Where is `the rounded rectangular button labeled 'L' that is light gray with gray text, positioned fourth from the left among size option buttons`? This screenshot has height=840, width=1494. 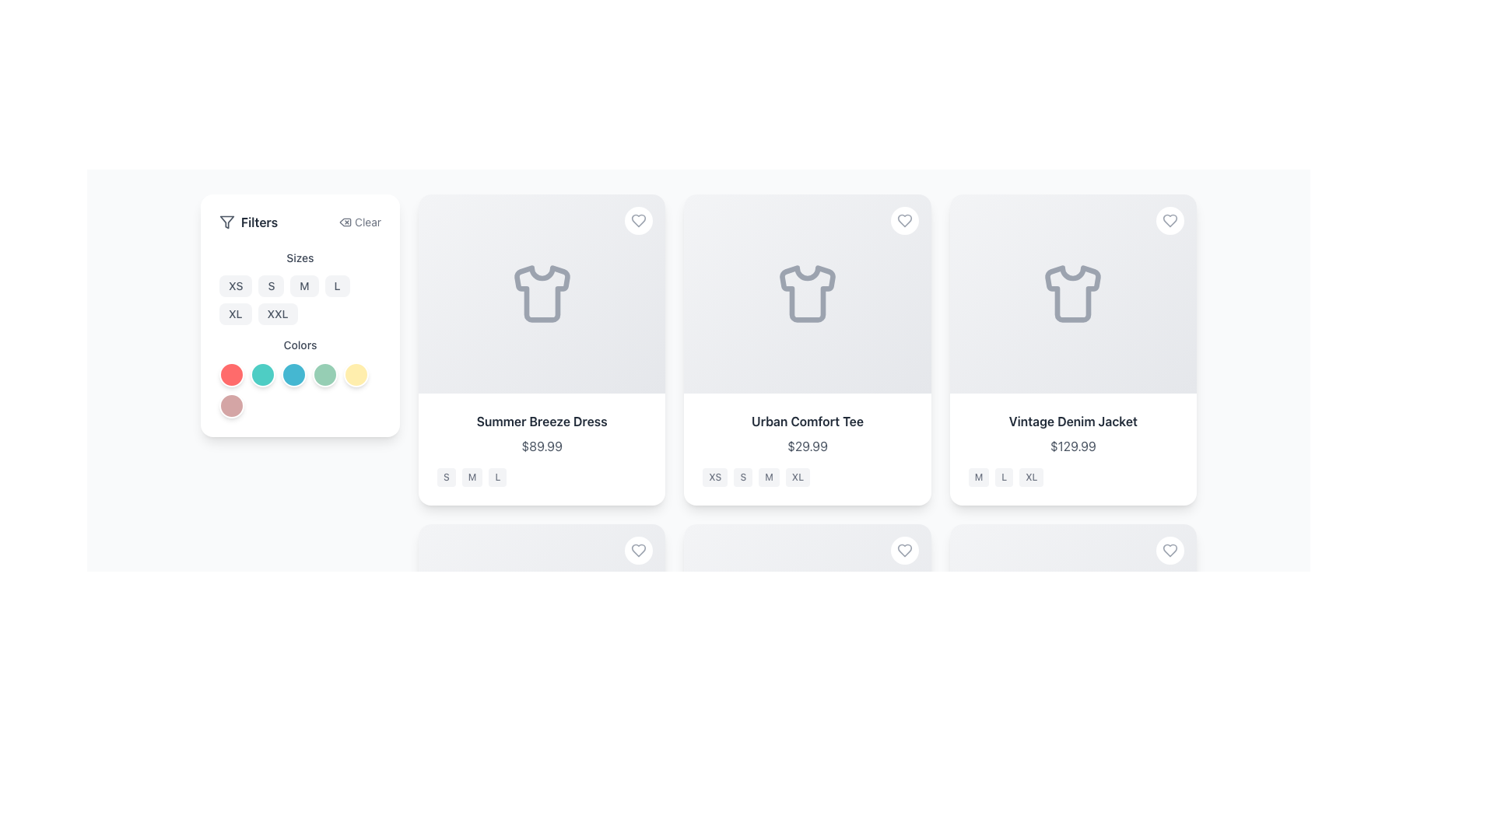
the rounded rectangular button labeled 'L' that is light gray with gray text, positioned fourth from the left among size option buttons is located at coordinates (336, 285).